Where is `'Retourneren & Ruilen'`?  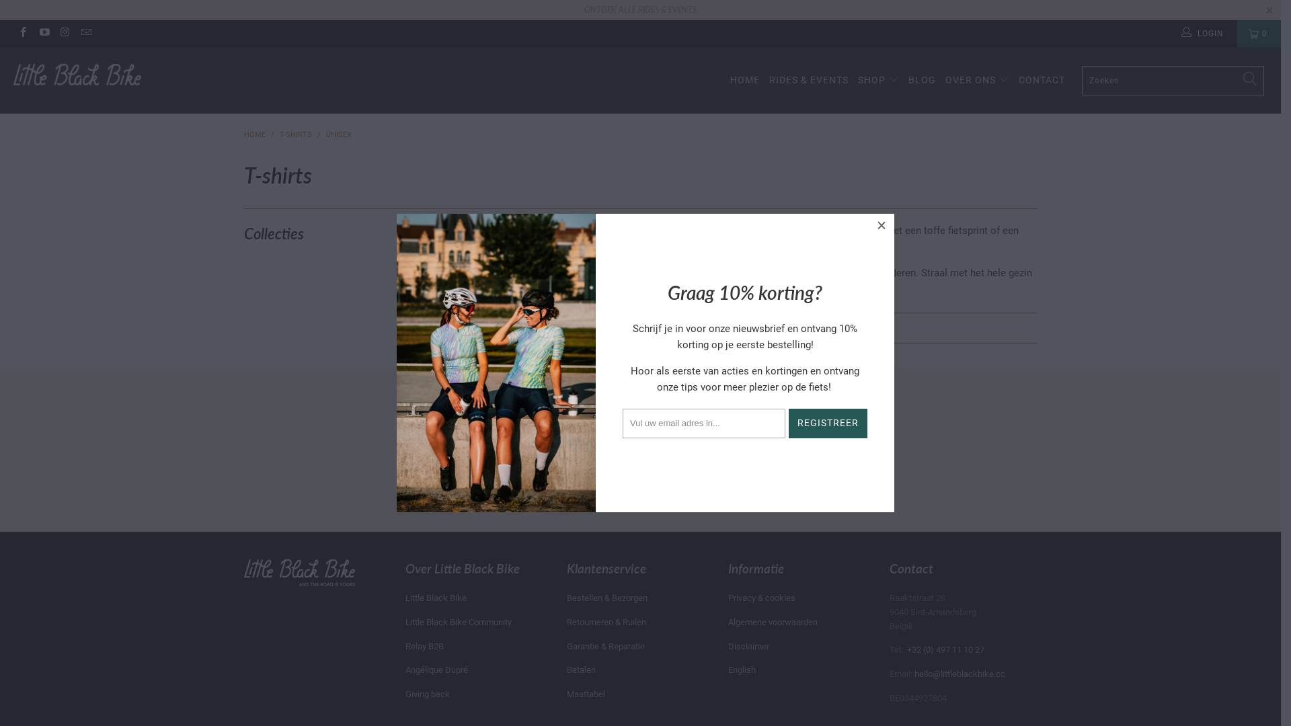
'Retourneren & Ruilen' is located at coordinates (605, 622).